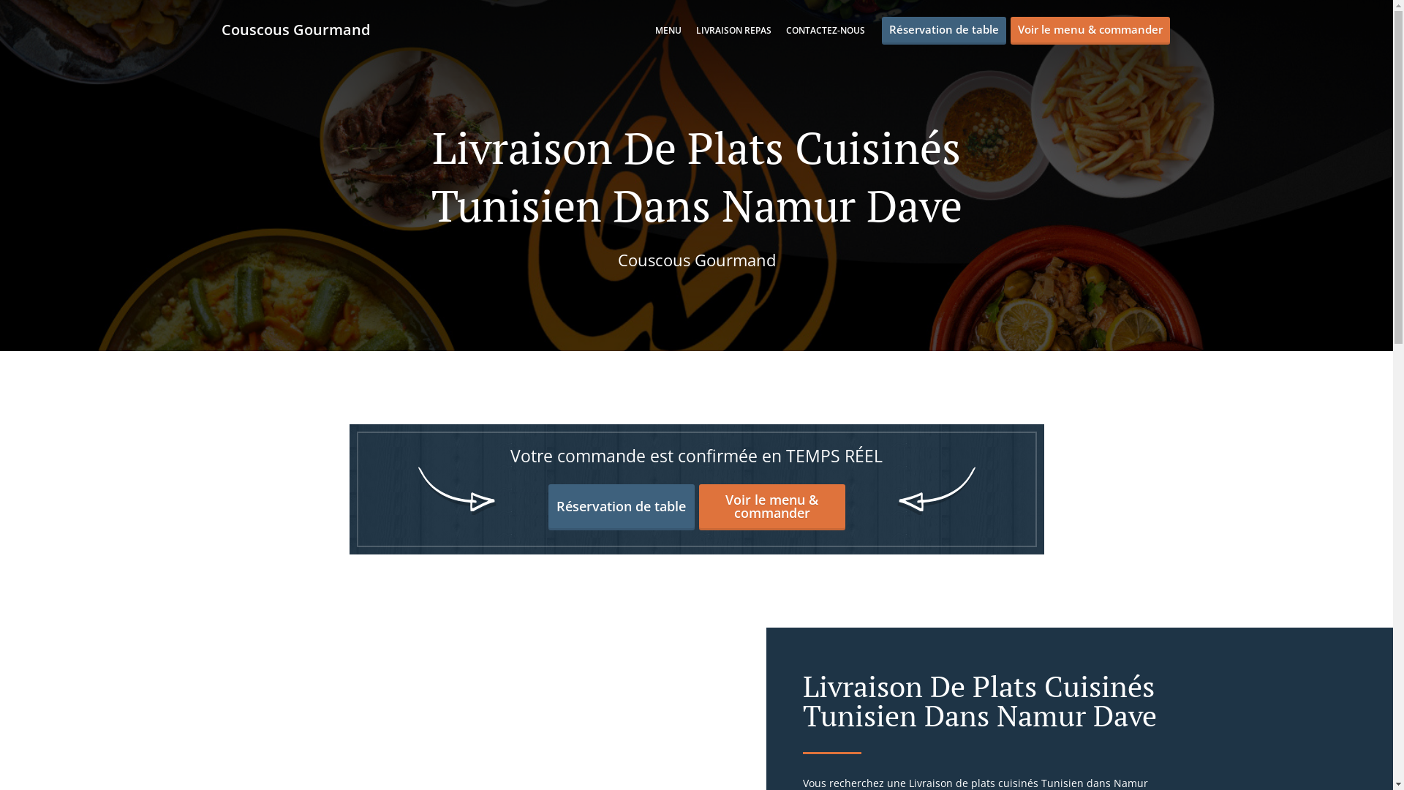 The width and height of the screenshot is (1404, 790). What do you see at coordinates (667, 30) in the screenshot?
I see `'MENU'` at bounding box center [667, 30].